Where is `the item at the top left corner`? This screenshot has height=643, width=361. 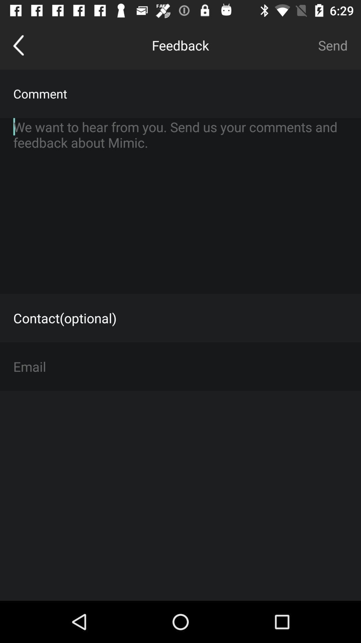 the item at the top left corner is located at coordinates (18, 45).